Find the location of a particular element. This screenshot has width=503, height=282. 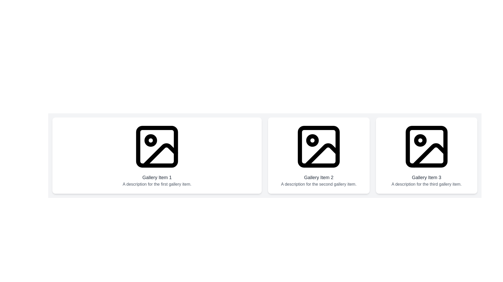

the static text element that serves as the title for the third gallery item, positioned above the description text is located at coordinates (427, 177).